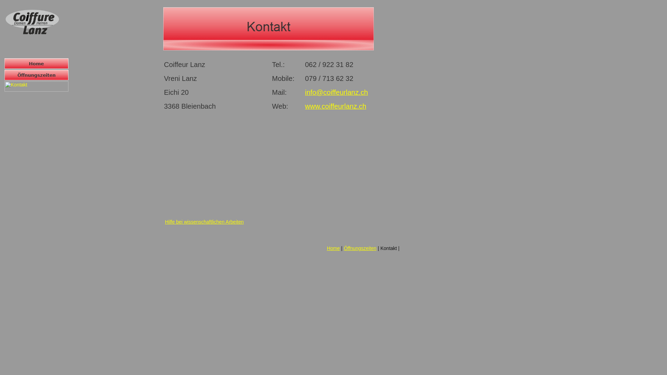 This screenshot has height=375, width=667. What do you see at coordinates (32, 22) in the screenshot?
I see `'Logo'` at bounding box center [32, 22].